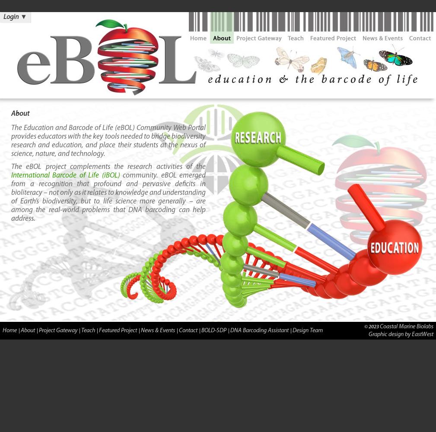 The image size is (436, 432). I want to click on 'Home', so click(9, 330).